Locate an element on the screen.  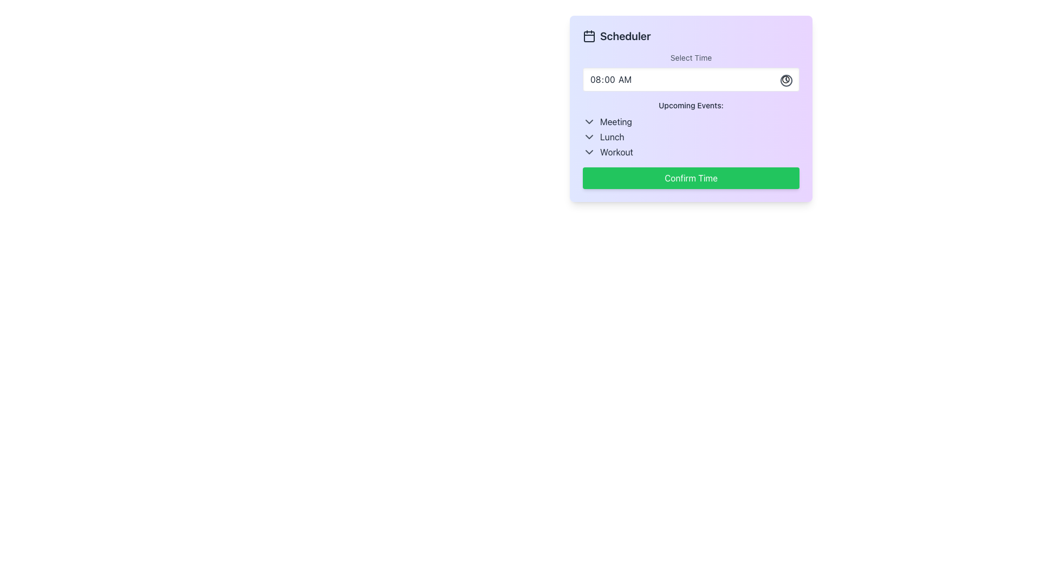
the static text label that displays 'Lunch', which is the second entry in the list of scheduled events, positioned between 'Meeting' above and 'Workout' below is located at coordinates (612, 136).